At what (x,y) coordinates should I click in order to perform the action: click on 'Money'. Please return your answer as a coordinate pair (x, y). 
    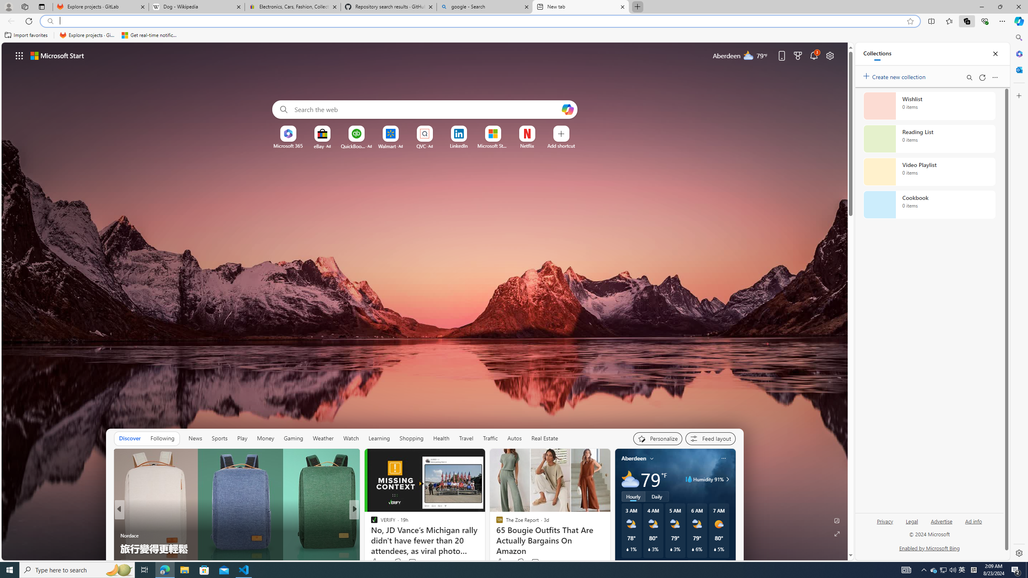
    Looking at the image, I should click on (265, 438).